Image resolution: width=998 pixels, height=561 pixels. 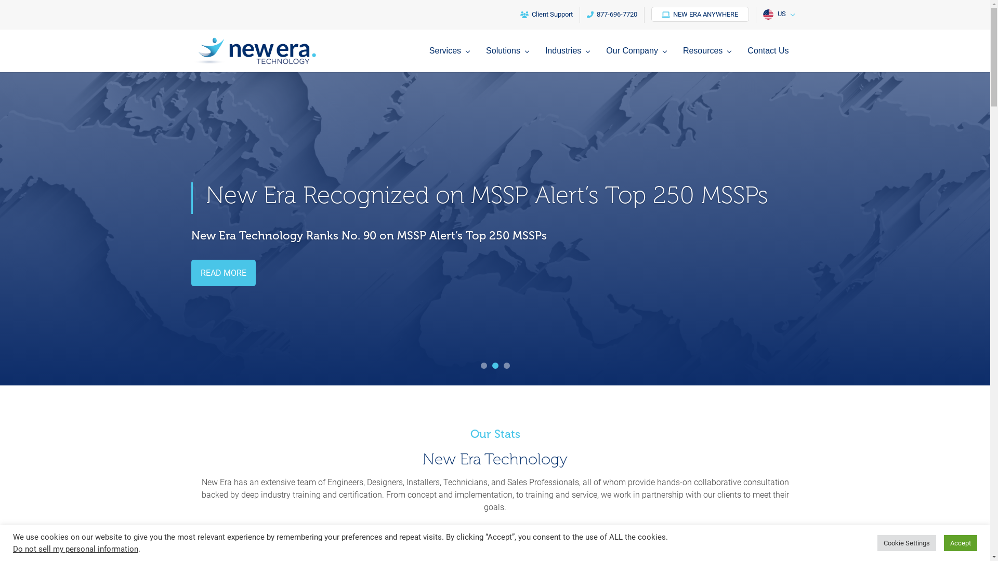 I want to click on 'Resources', so click(x=708, y=59).